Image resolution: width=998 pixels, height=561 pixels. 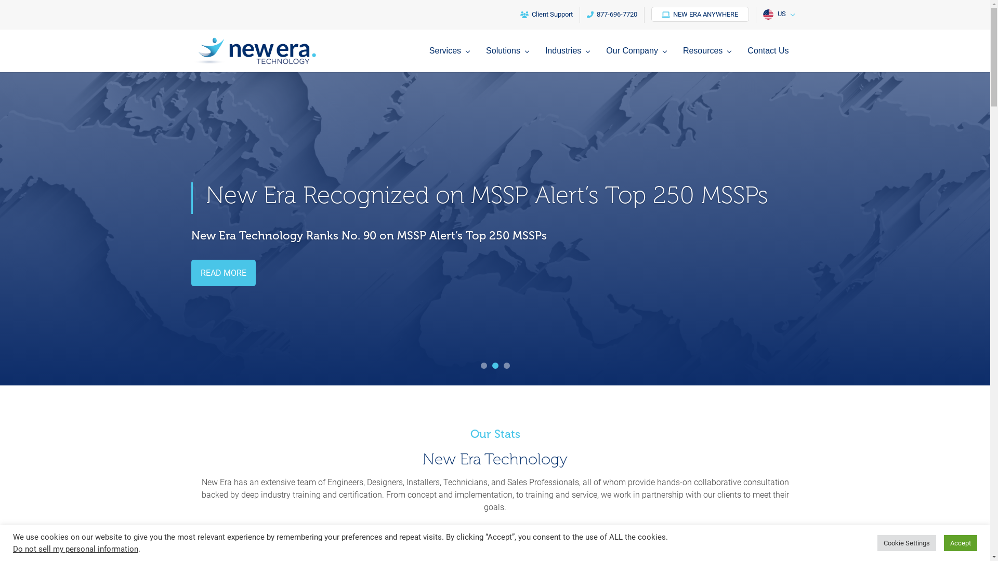 I want to click on 'Resources', so click(x=708, y=59).